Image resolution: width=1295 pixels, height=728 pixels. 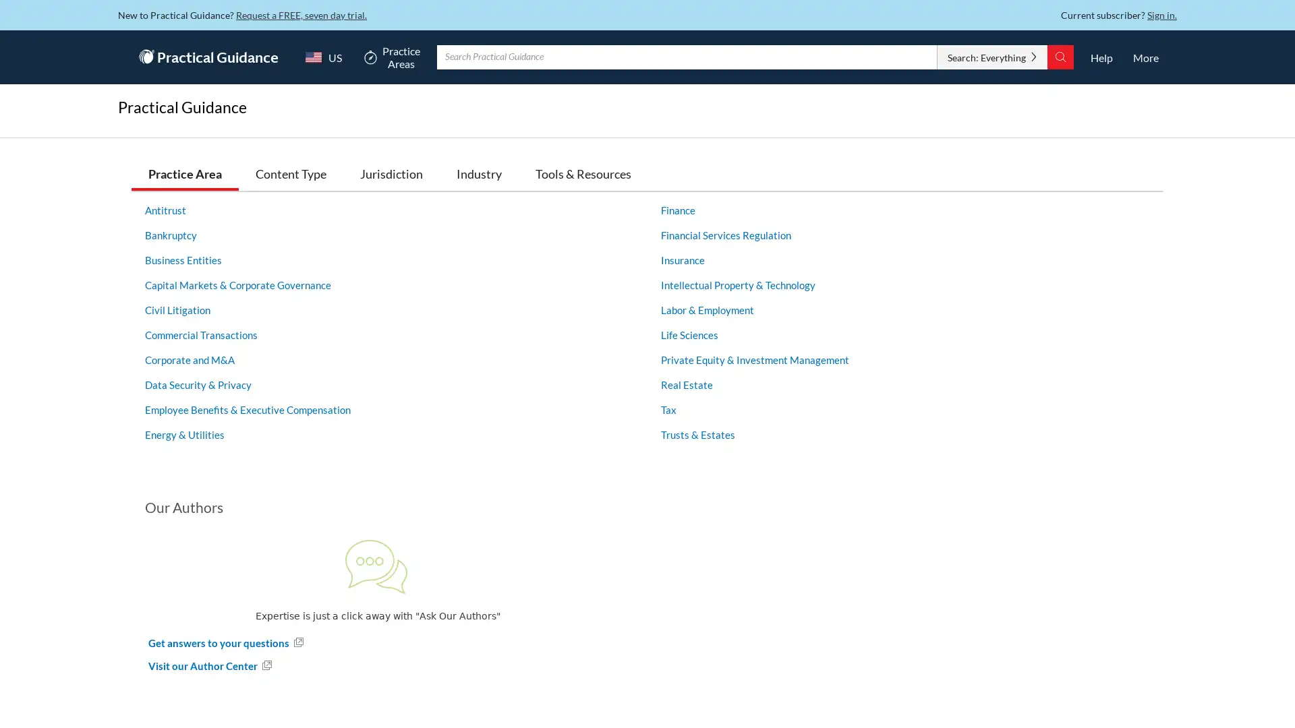 What do you see at coordinates (1060, 56) in the screenshot?
I see `Search` at bounding box center [1060, 56].